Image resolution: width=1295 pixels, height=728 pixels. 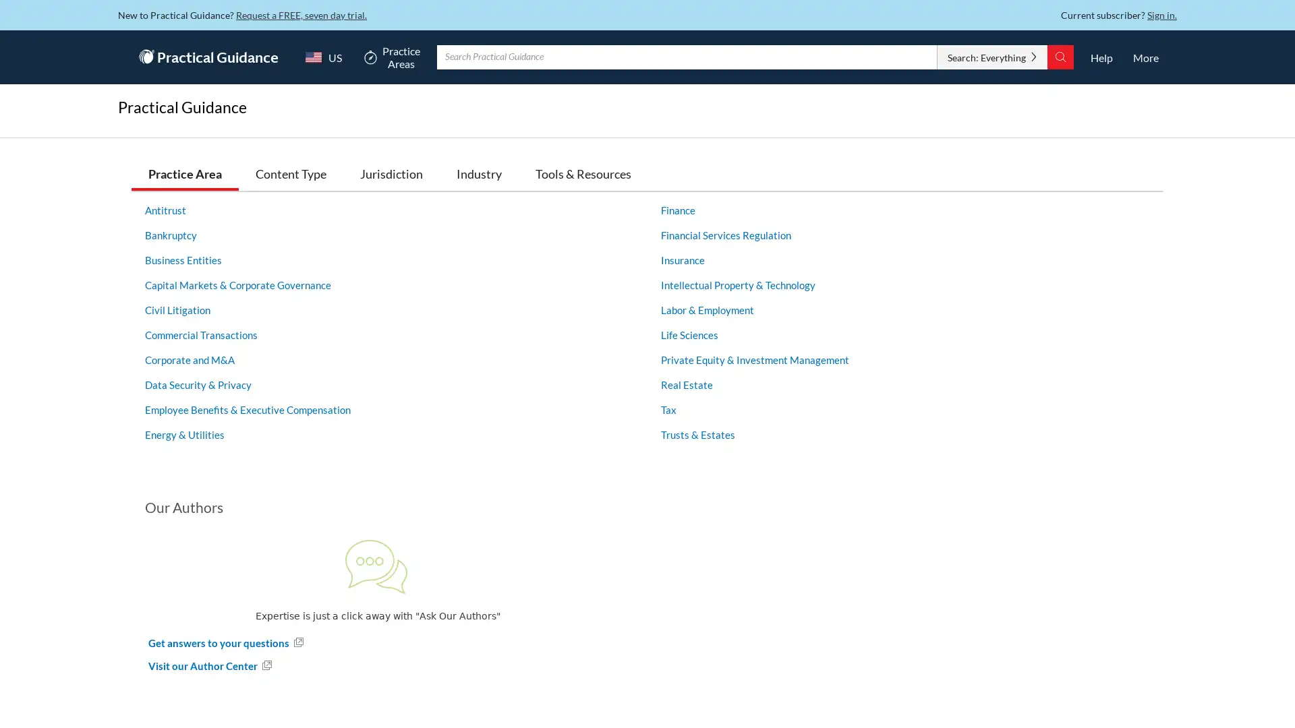 What do you see at coordinates (1060, 56) in the screenshot?
I see `Search` at bounding box center [1060, 56].